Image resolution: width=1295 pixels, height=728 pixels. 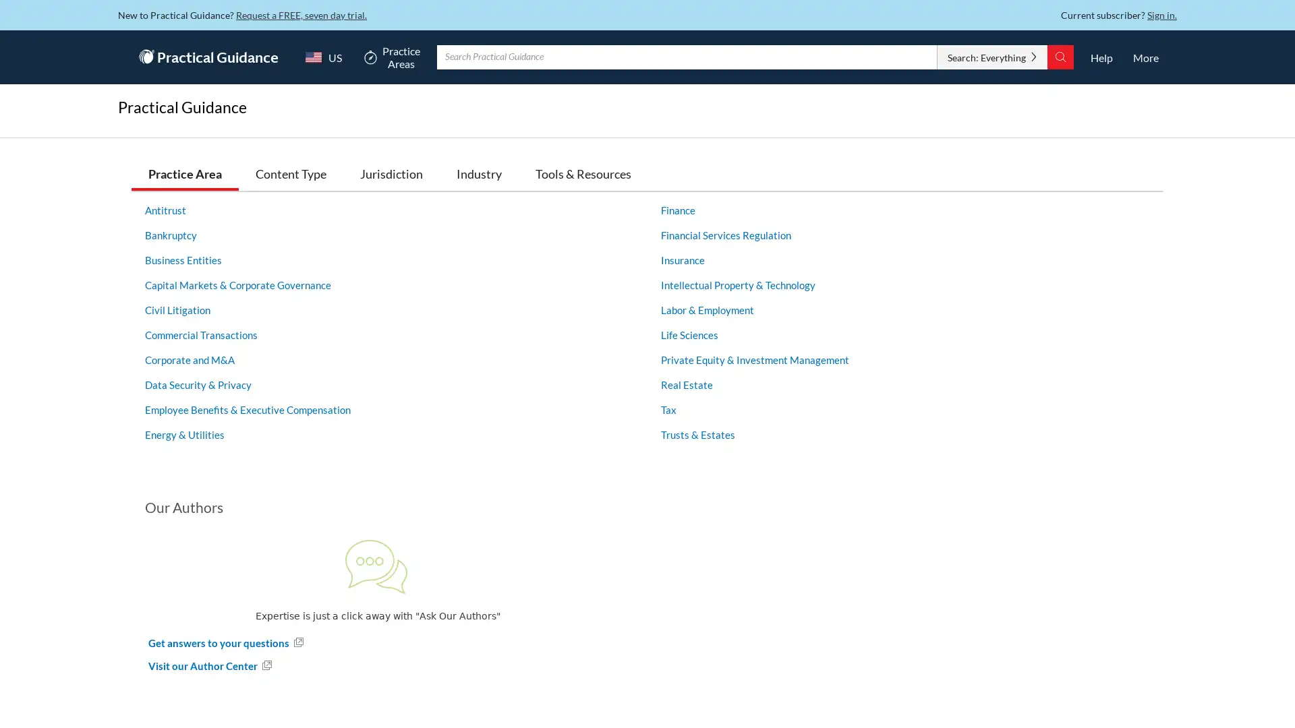 What do you see at coordinates (1060, 56) in the screenshot?
I see `Search` at bounding box center [1060, 56].